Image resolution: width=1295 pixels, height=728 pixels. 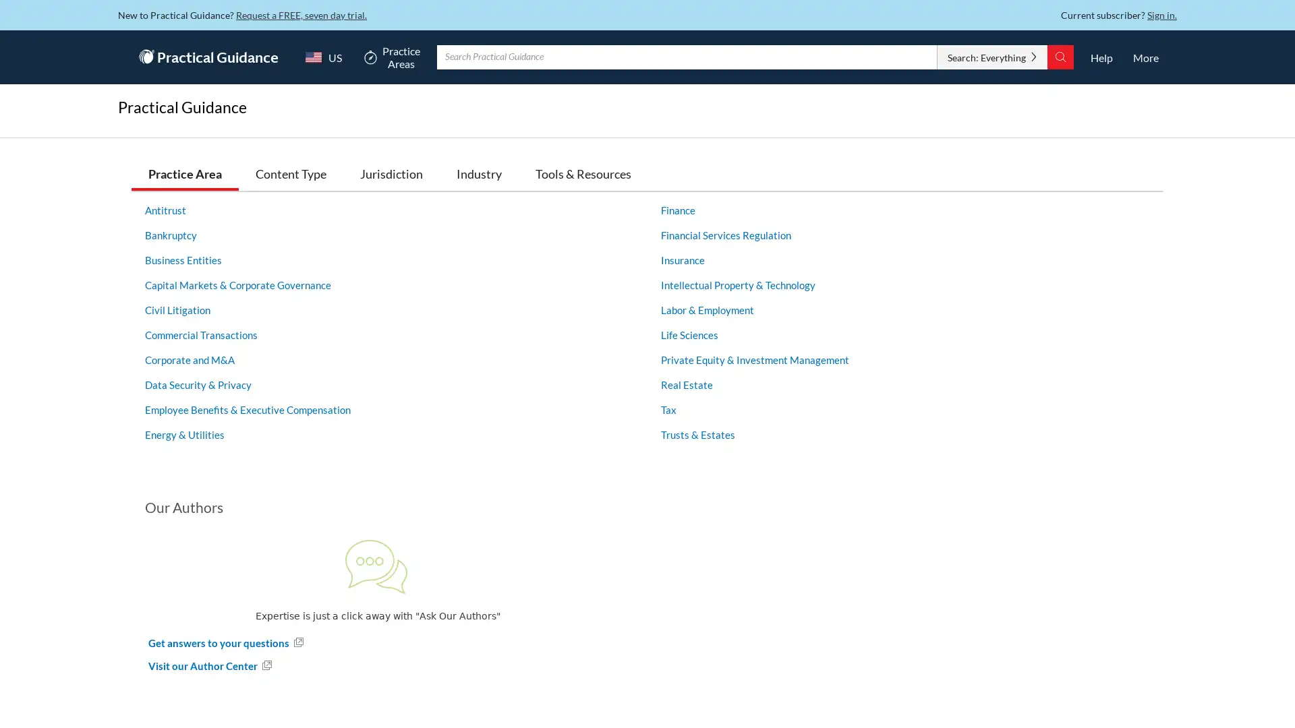 What do you see at coordinates (1060, 56) in the screenshot?
I see `Search` at bounding box center [1060, 56].